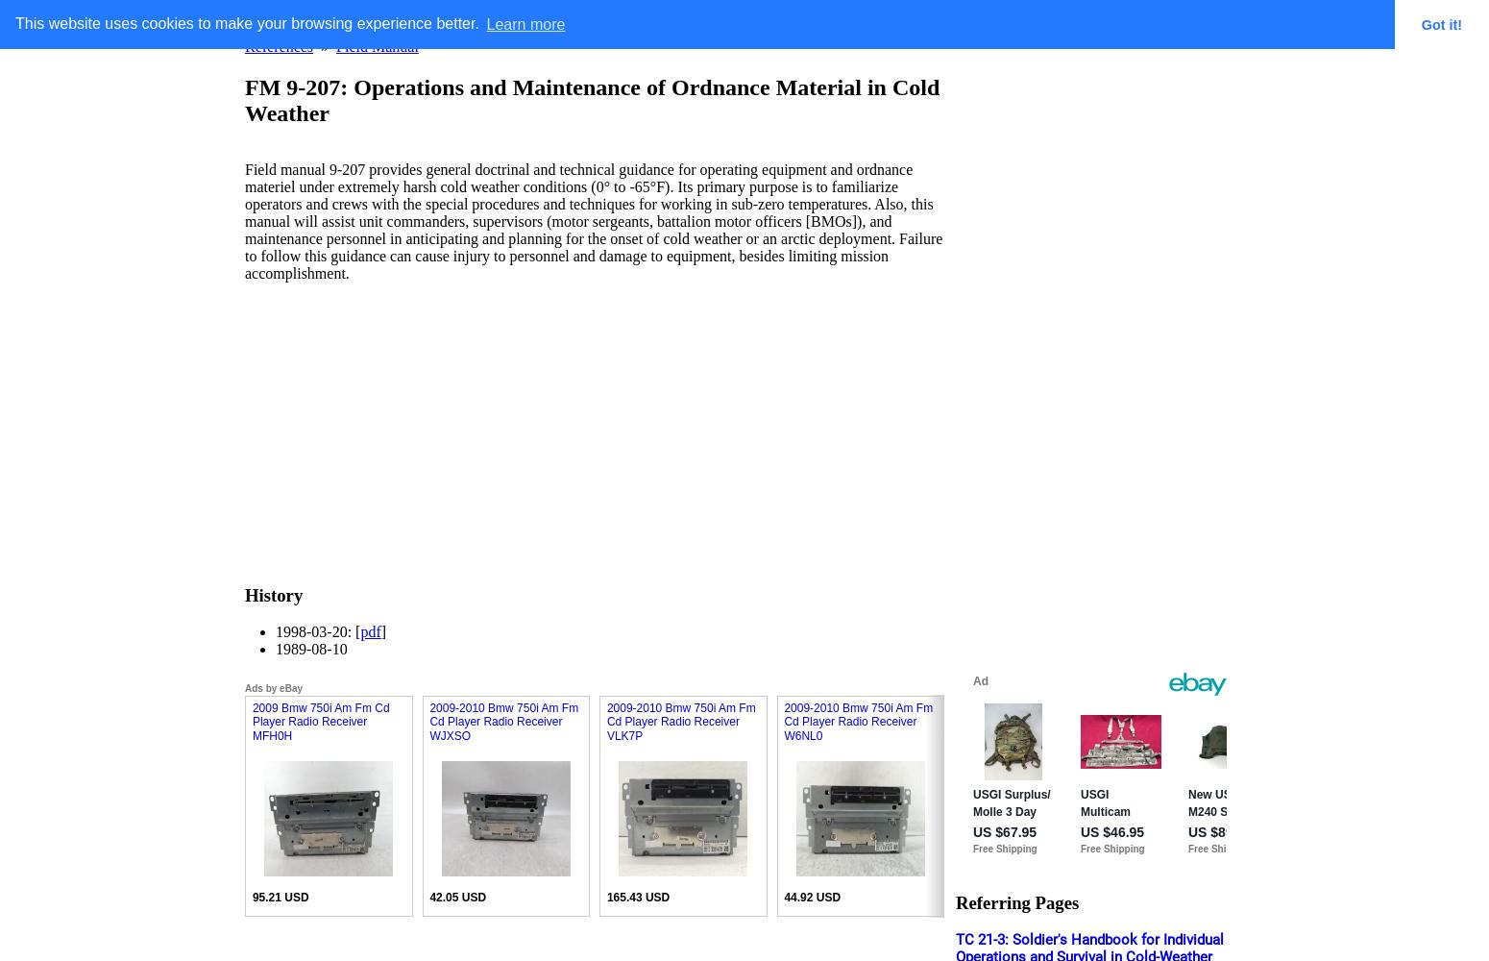  I want to click on '2009-2010 Bmw 750i Am Fm Cd Player Radio Receiver VLK7P', so click(605, 722).